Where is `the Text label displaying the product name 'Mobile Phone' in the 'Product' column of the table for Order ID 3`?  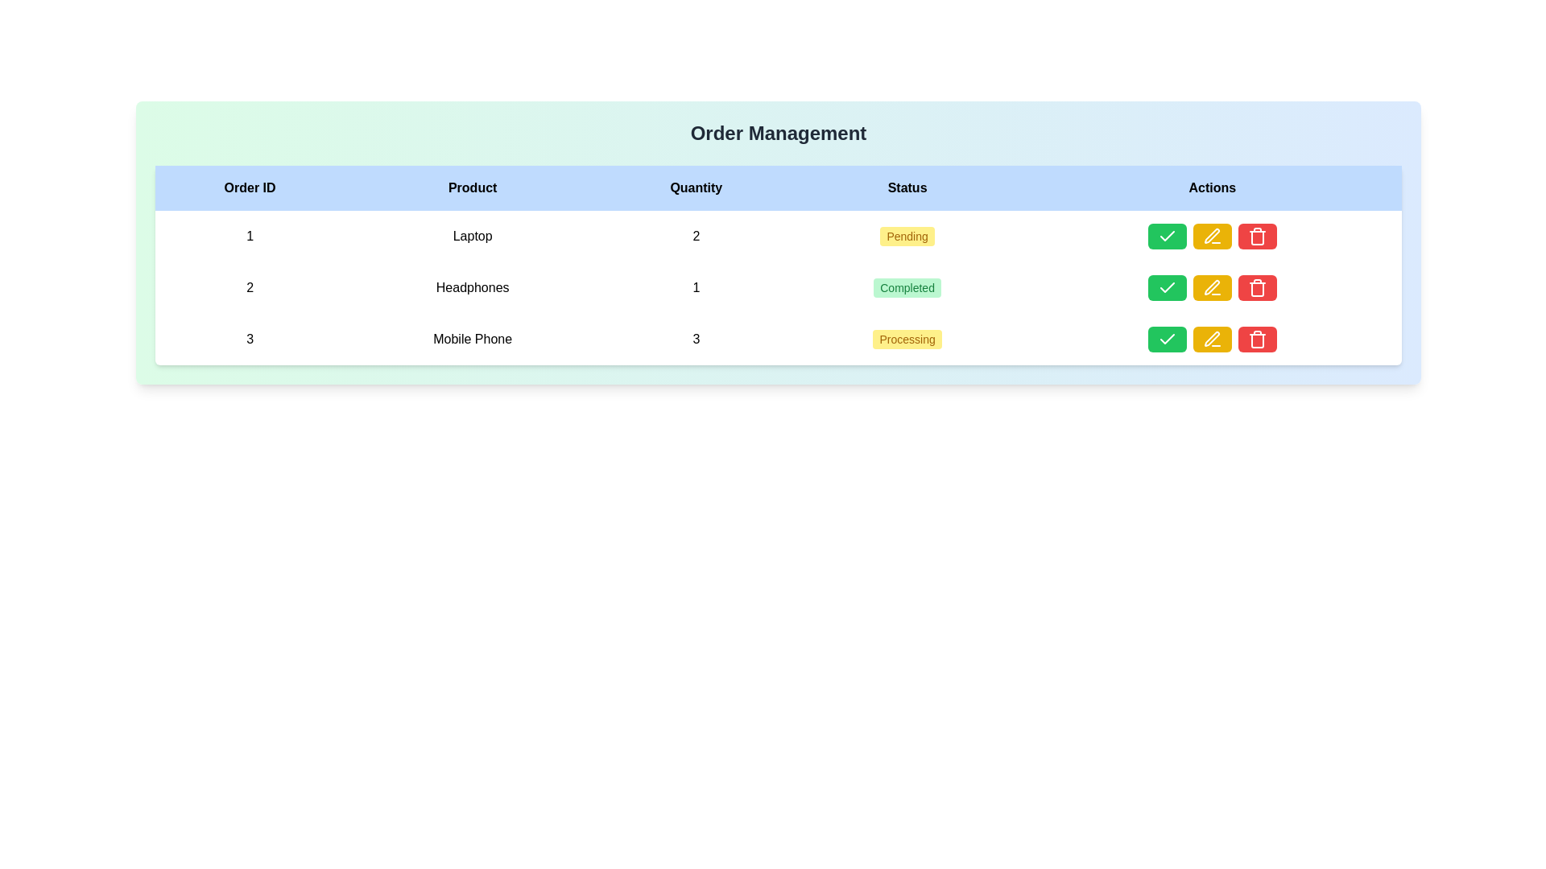 the Text label displaying the product name 'Mobile Phone' in the 'Product' column of the table for Order ID 3 is located at coordinates (472, 338).